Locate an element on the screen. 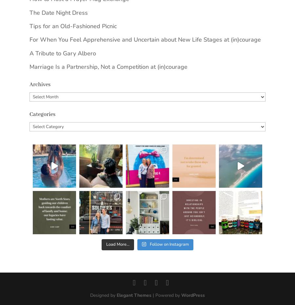 The height and width of the screenshot is (305, 295). 'A Tribute to Gary Albero' is located at coordinates (63, 52).